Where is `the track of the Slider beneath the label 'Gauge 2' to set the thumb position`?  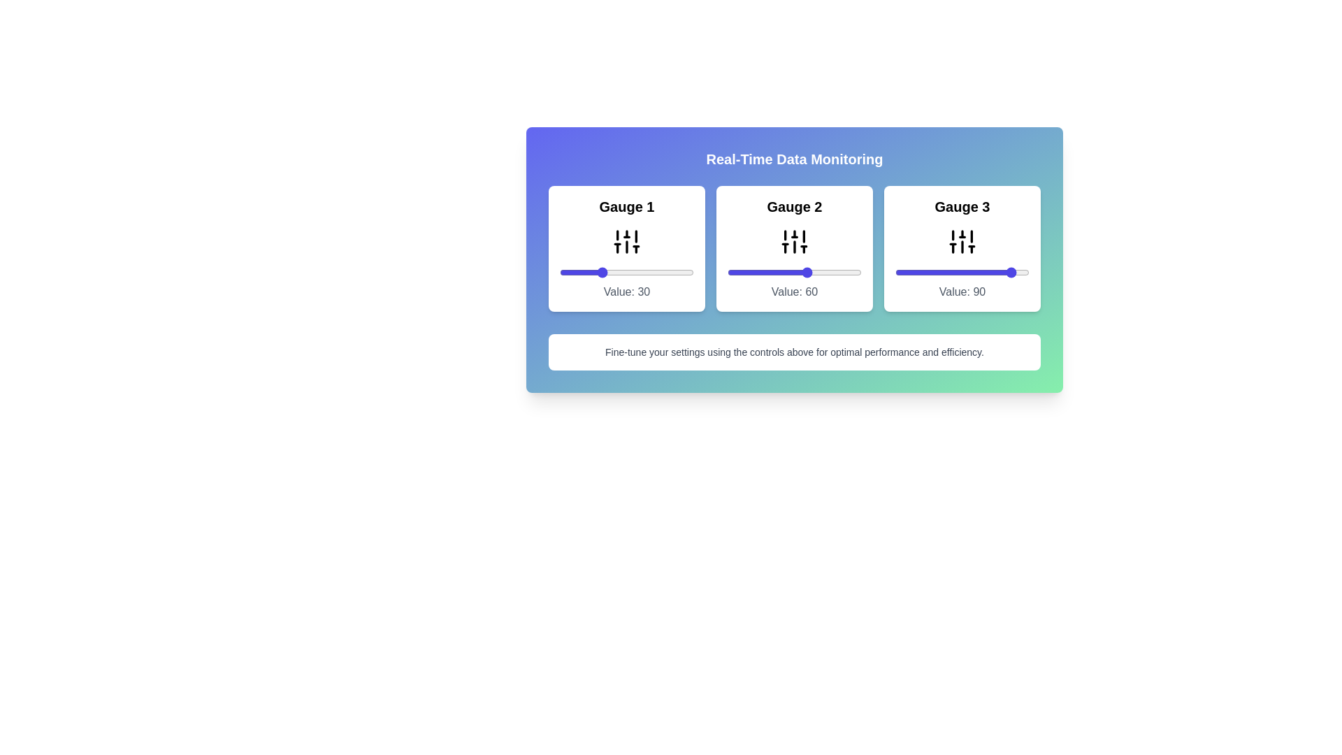 the track of the Slider beneath the label 'Gauge 2' to set the thumb position is located at coordinates (795, 272).